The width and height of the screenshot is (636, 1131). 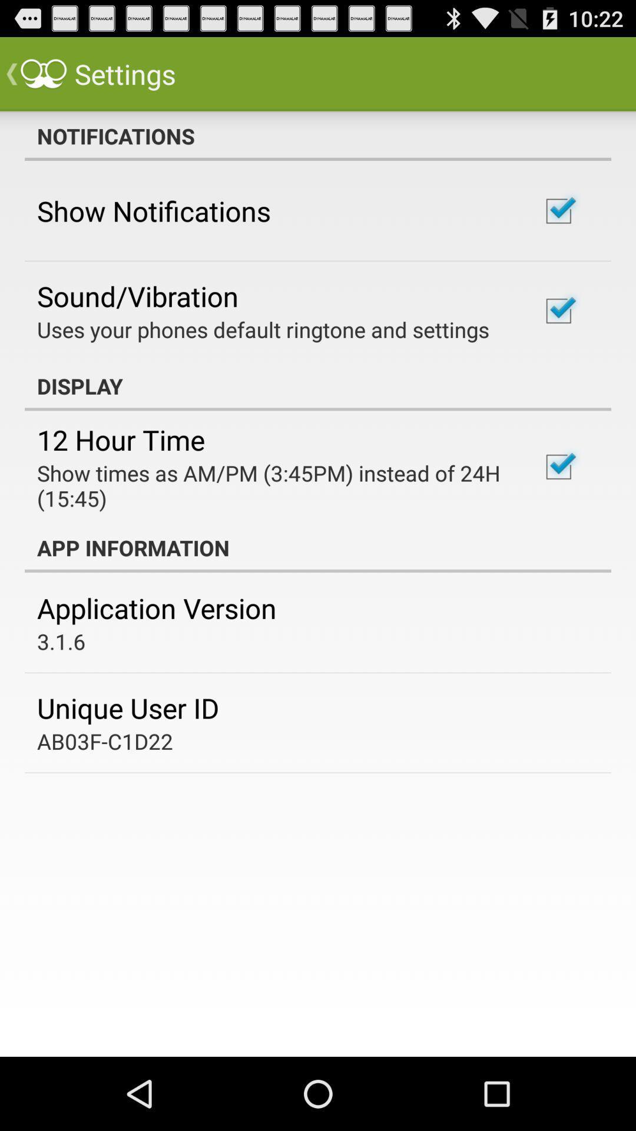 I want to click on the item below 3.1.6, so click(x=128, y=707).